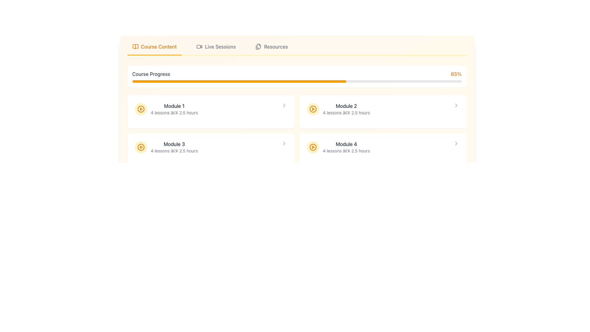 The height and width of the screenshot is (332, 590). Describe the element at coordinates (259, 46) in the screenshot. I see `the document icon located in the header navigation menu, which is the third icon after 'Live Sessions' and before 'Resources'` at that location.